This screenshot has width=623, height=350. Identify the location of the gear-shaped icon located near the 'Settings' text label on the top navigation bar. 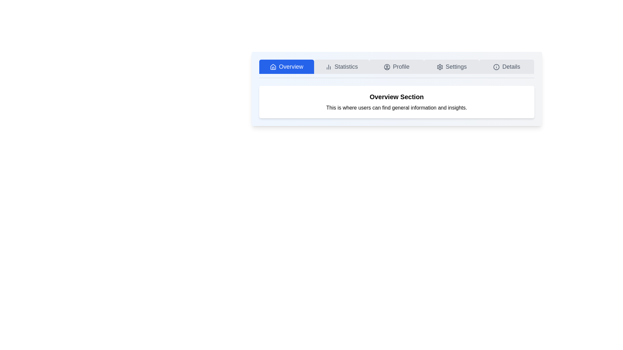
(440, 67).